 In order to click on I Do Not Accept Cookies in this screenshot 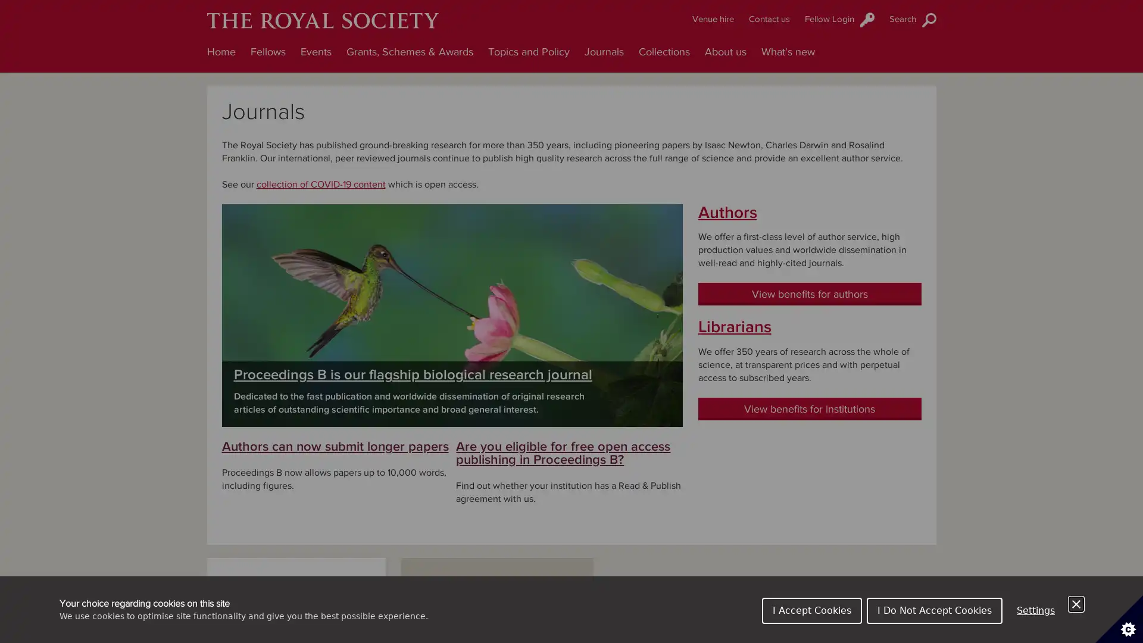, I will do `click(933, 611)`.